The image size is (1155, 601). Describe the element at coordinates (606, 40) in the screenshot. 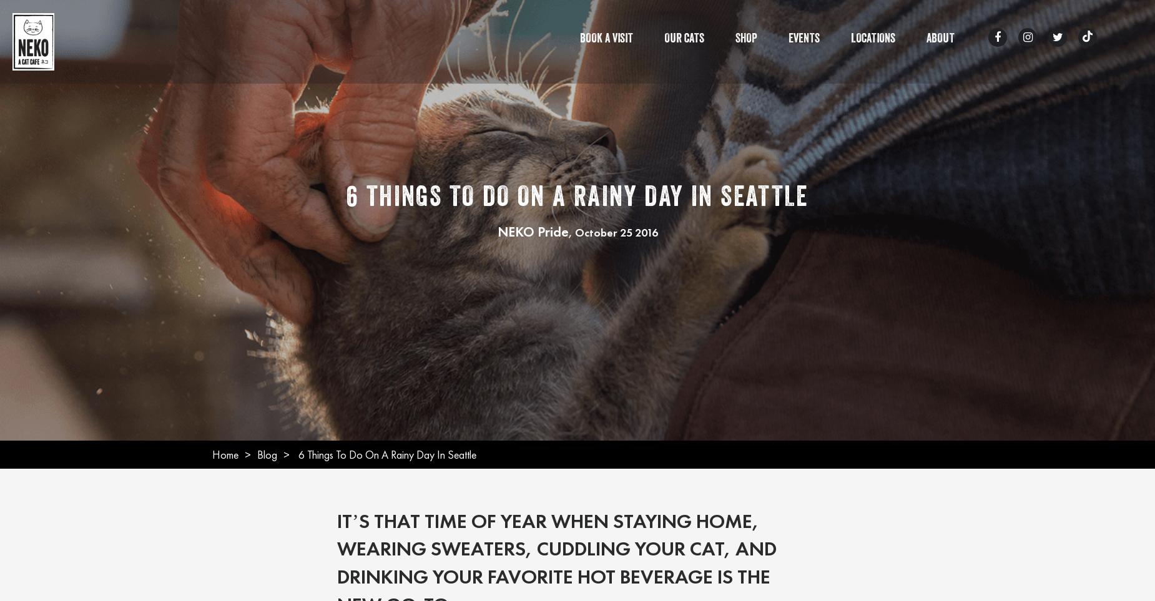

I see `'Book A Visit'` at that location.